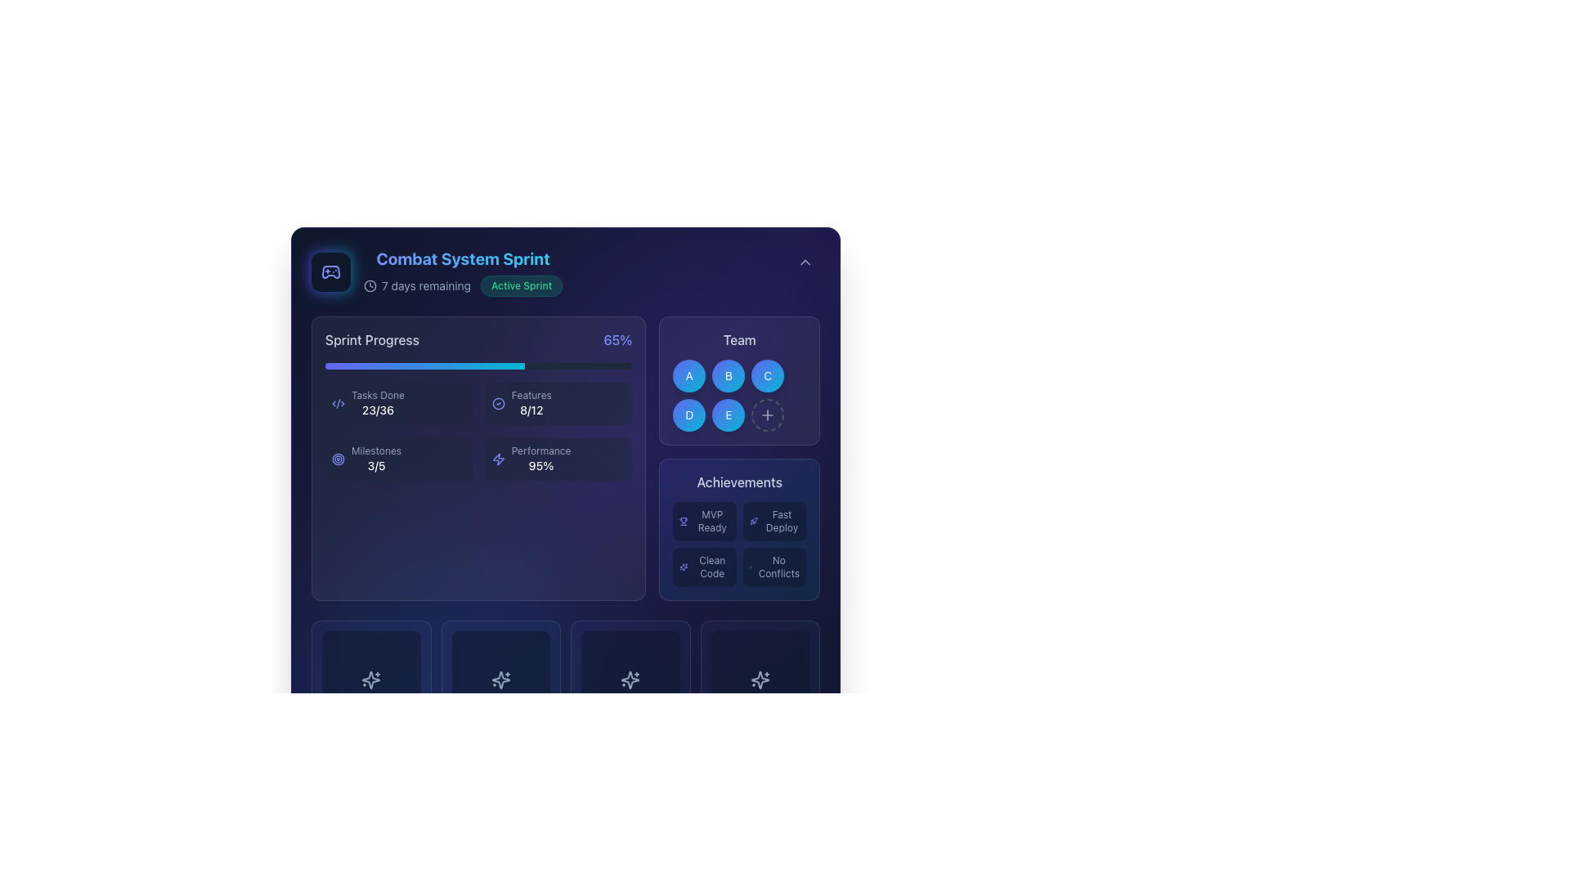  I want to click on the static text label displaying 'Tasks Done', which is positioned at the top of the 'Sprint Progress' section, above the text '23/36', so click(377, 395).